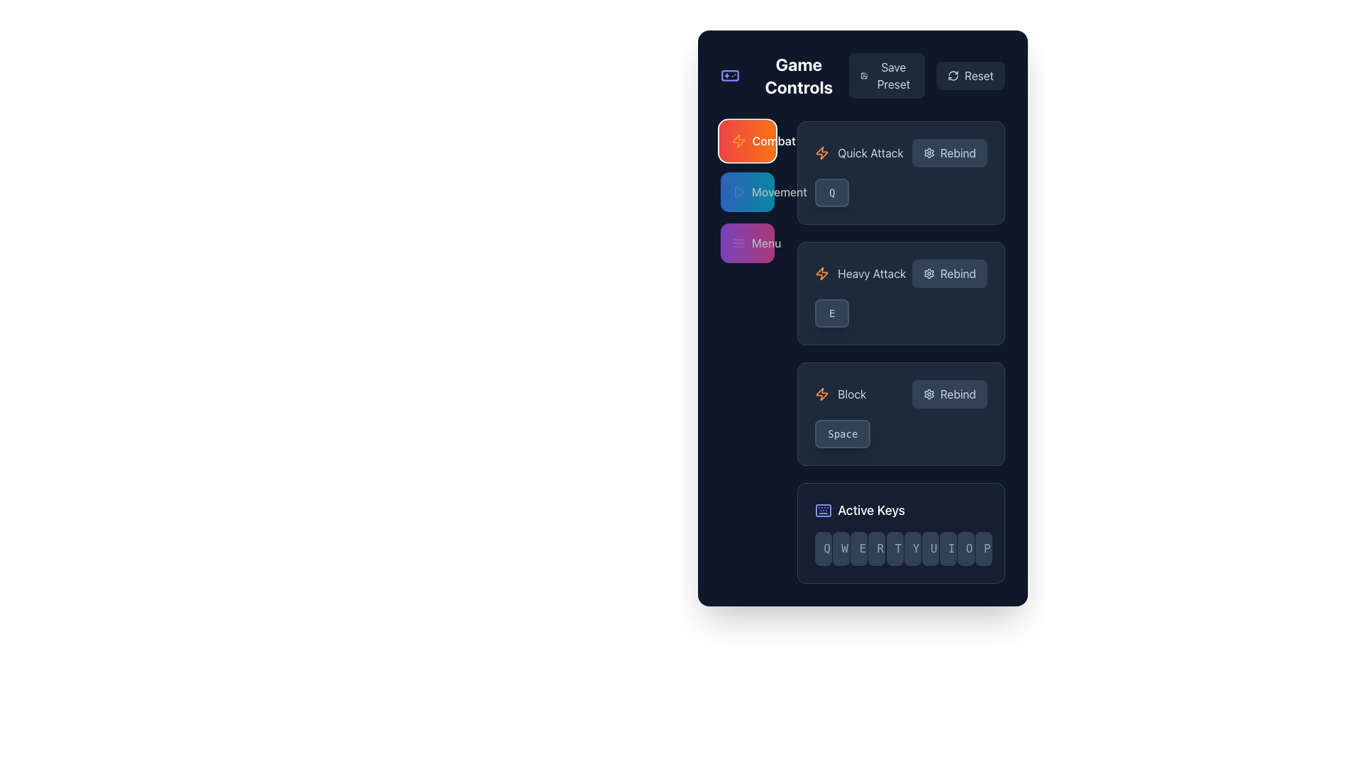 Image resolution: width=1362 pixels, height=766 pixels. What do you see at coordinates (738, 141) in the screenshot?
I see `the appearance of the orange thunderbolt icon in the 'Combat' section of the sidebar menu, which is the first visual component next to the 'Combat' label` at bounding box center [738, 141].